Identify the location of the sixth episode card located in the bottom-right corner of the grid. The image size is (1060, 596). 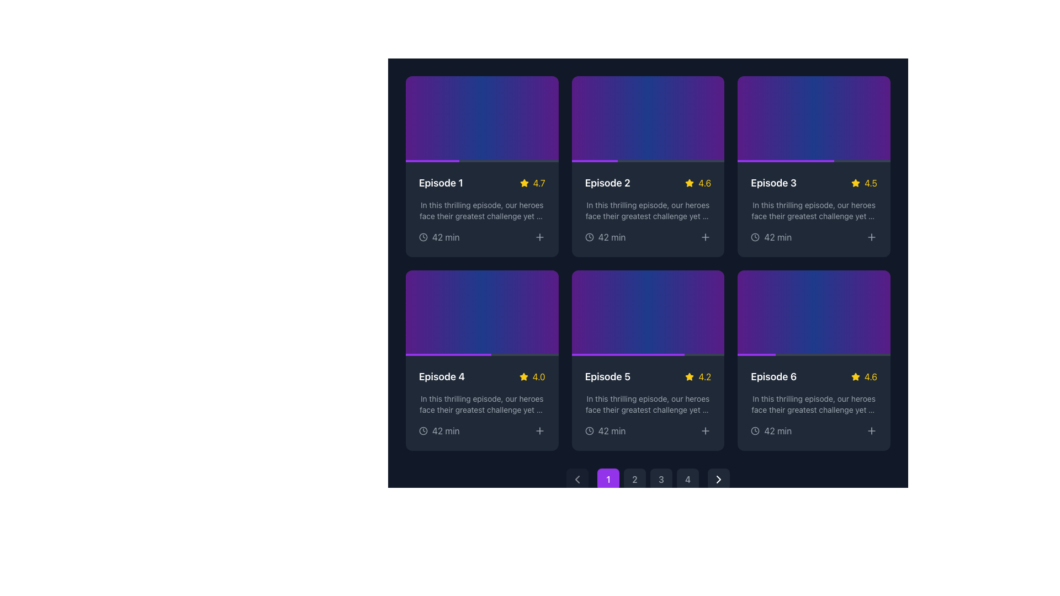
(814, 360).